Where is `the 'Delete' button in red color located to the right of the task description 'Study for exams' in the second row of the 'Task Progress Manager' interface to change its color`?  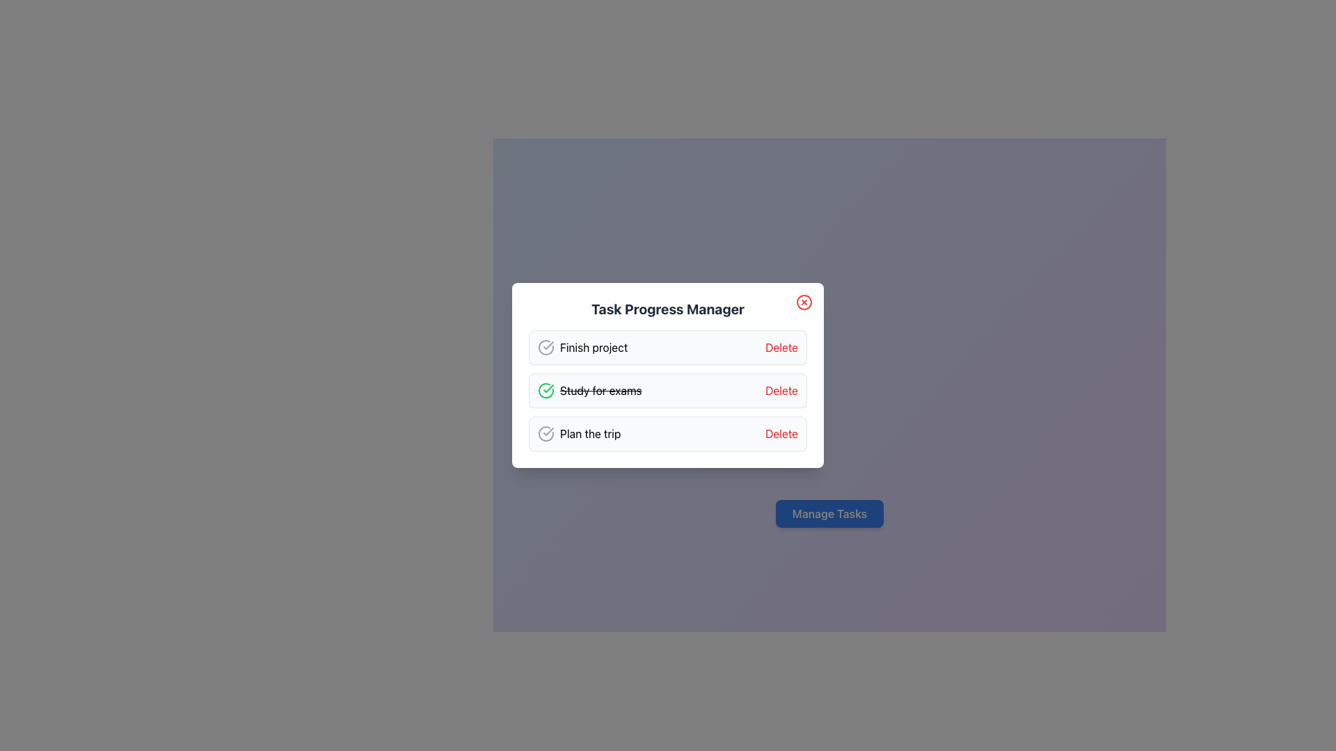 the 'Delete' button in red color located to the right of the task description 'Study for exams' in the second row of the 'Task Progress Manager' interface to change its color is located at coordinates (781, 391).